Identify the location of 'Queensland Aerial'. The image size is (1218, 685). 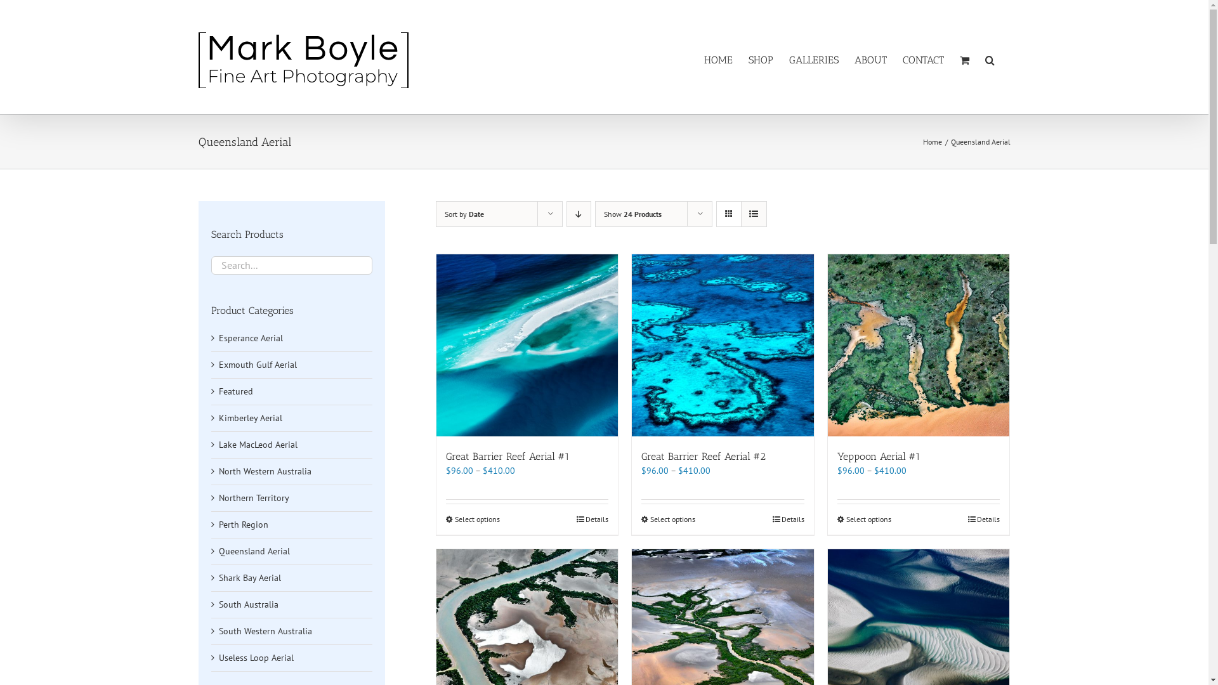
(253, 550).